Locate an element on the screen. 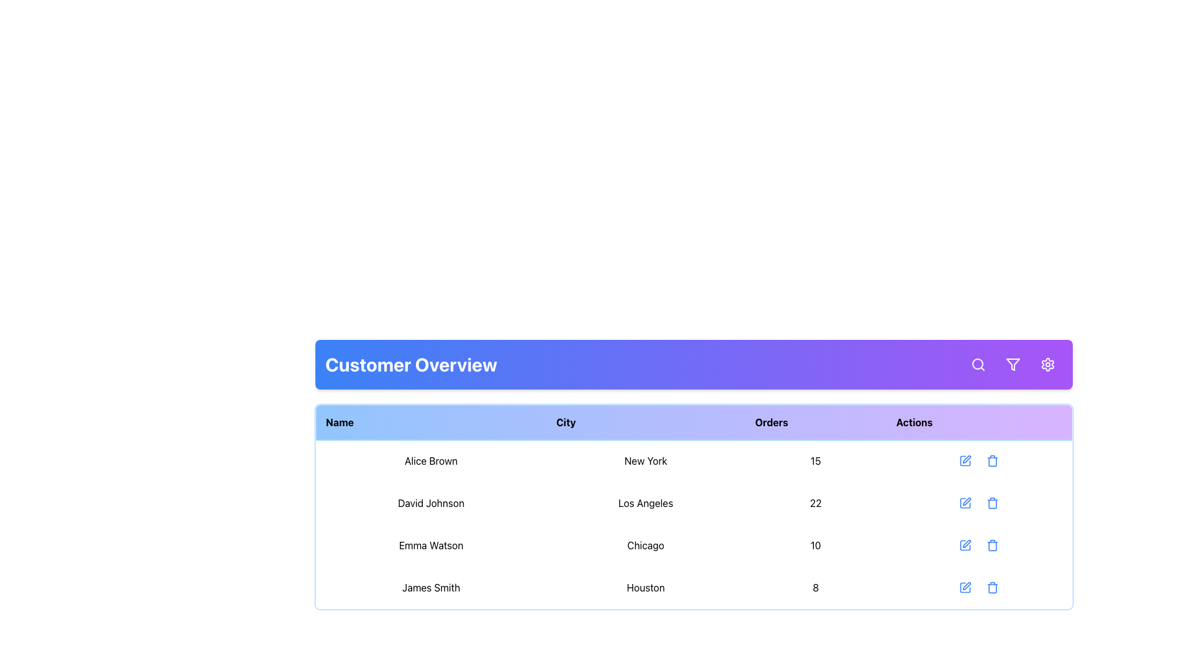 The width and height of the screenshot is (1192, 671). the blue pen icon in the action column of the table for the 'David Johnson' row is located at coordinates (965, 503).